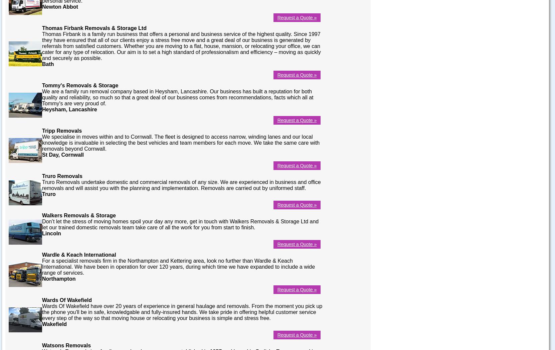 Image resolution: width=555 pixels, height=350 pixels. What do you see at coordinates (182, 312) in the screenshot?
I see `'Wards Of Wakefield have over 20 years of experience in general haulage and removals. From the moment you pick up the phone you'll be in safe, knowledgable and fully-insured hands. We take pride in offering helpful customer service every step of the way so that moving house or relocating your business is simple and stress free.'` at bounding box center [182, 312].